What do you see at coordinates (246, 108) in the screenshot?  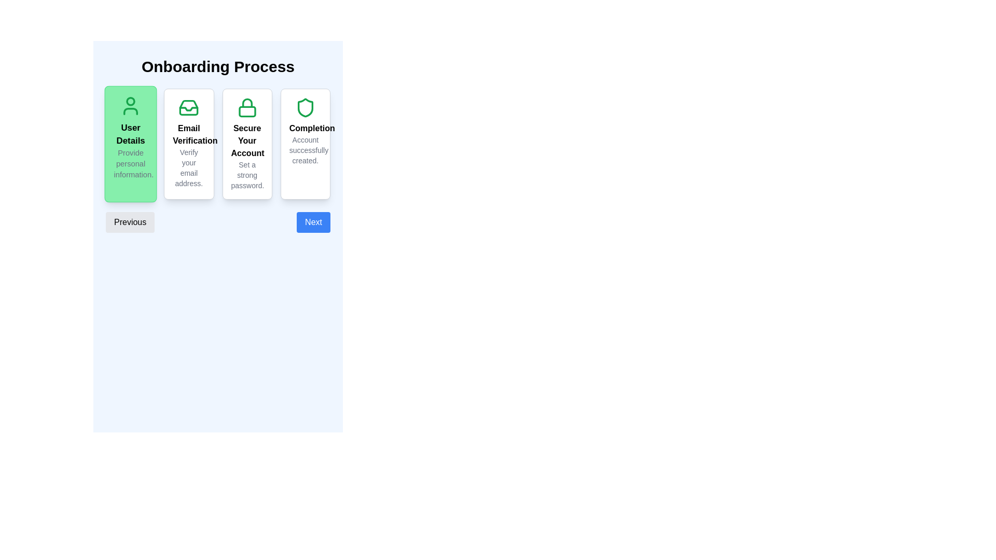 I see `the security icon located in the third card from the left, which represents password protection, above the heading 'Secure Your Account'` at bounding box center [246, 108].